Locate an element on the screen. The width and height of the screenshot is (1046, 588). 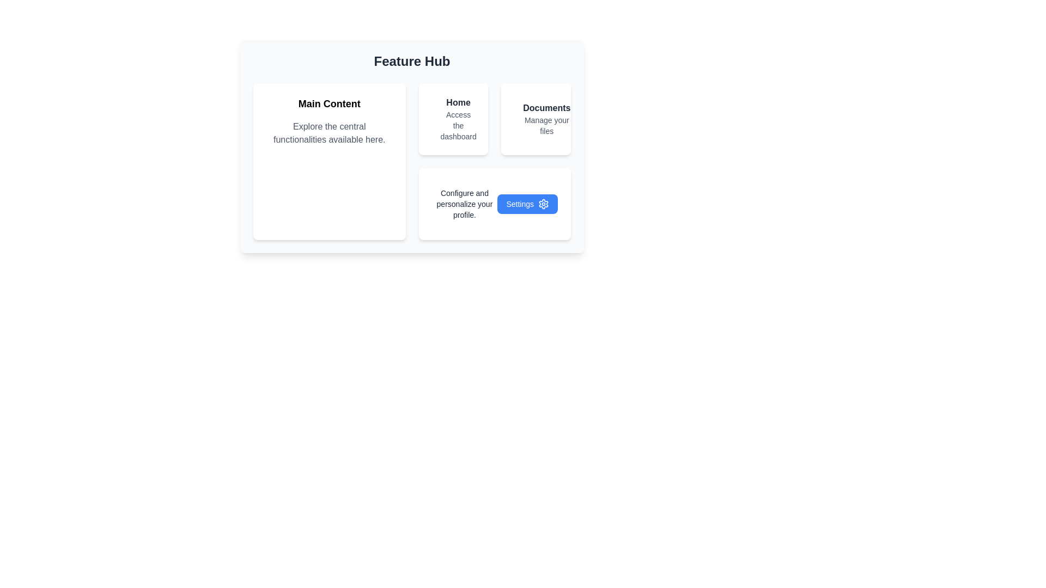
the settings icon located on the blue button labeled 'Settings' in the lower-right card is located at coordinates (544, 204).